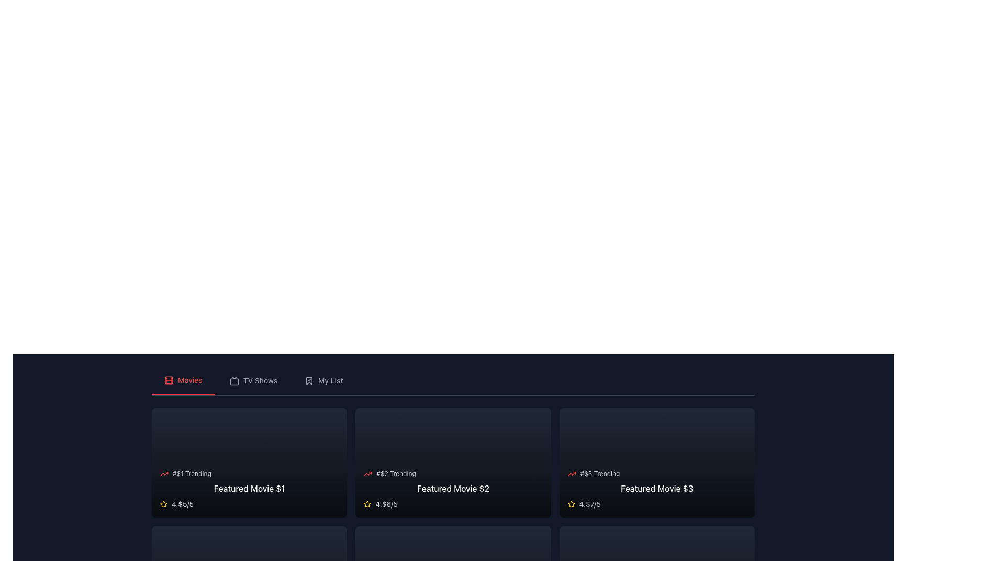 Image resolution: width=1005 pixels, height=565 pixels. What do you see at coordinates (571, 504) in the screenshot?
I see `the first icon that visually represents the rating for the associated movie or item, which is aligned to the left of the text displaying the rating value '4.$7/5'` at bounding box center [571, 504].